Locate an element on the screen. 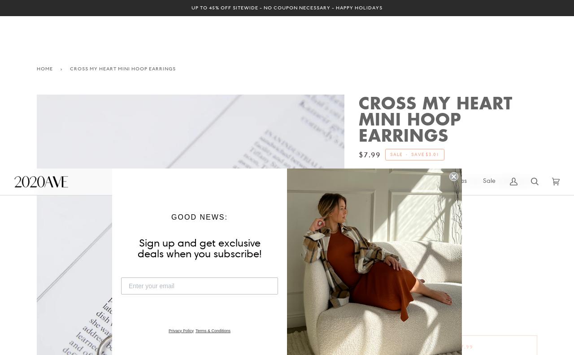 This screenshot has width=574, height=355. 'SIZE' is located at coordinates (357, 81).